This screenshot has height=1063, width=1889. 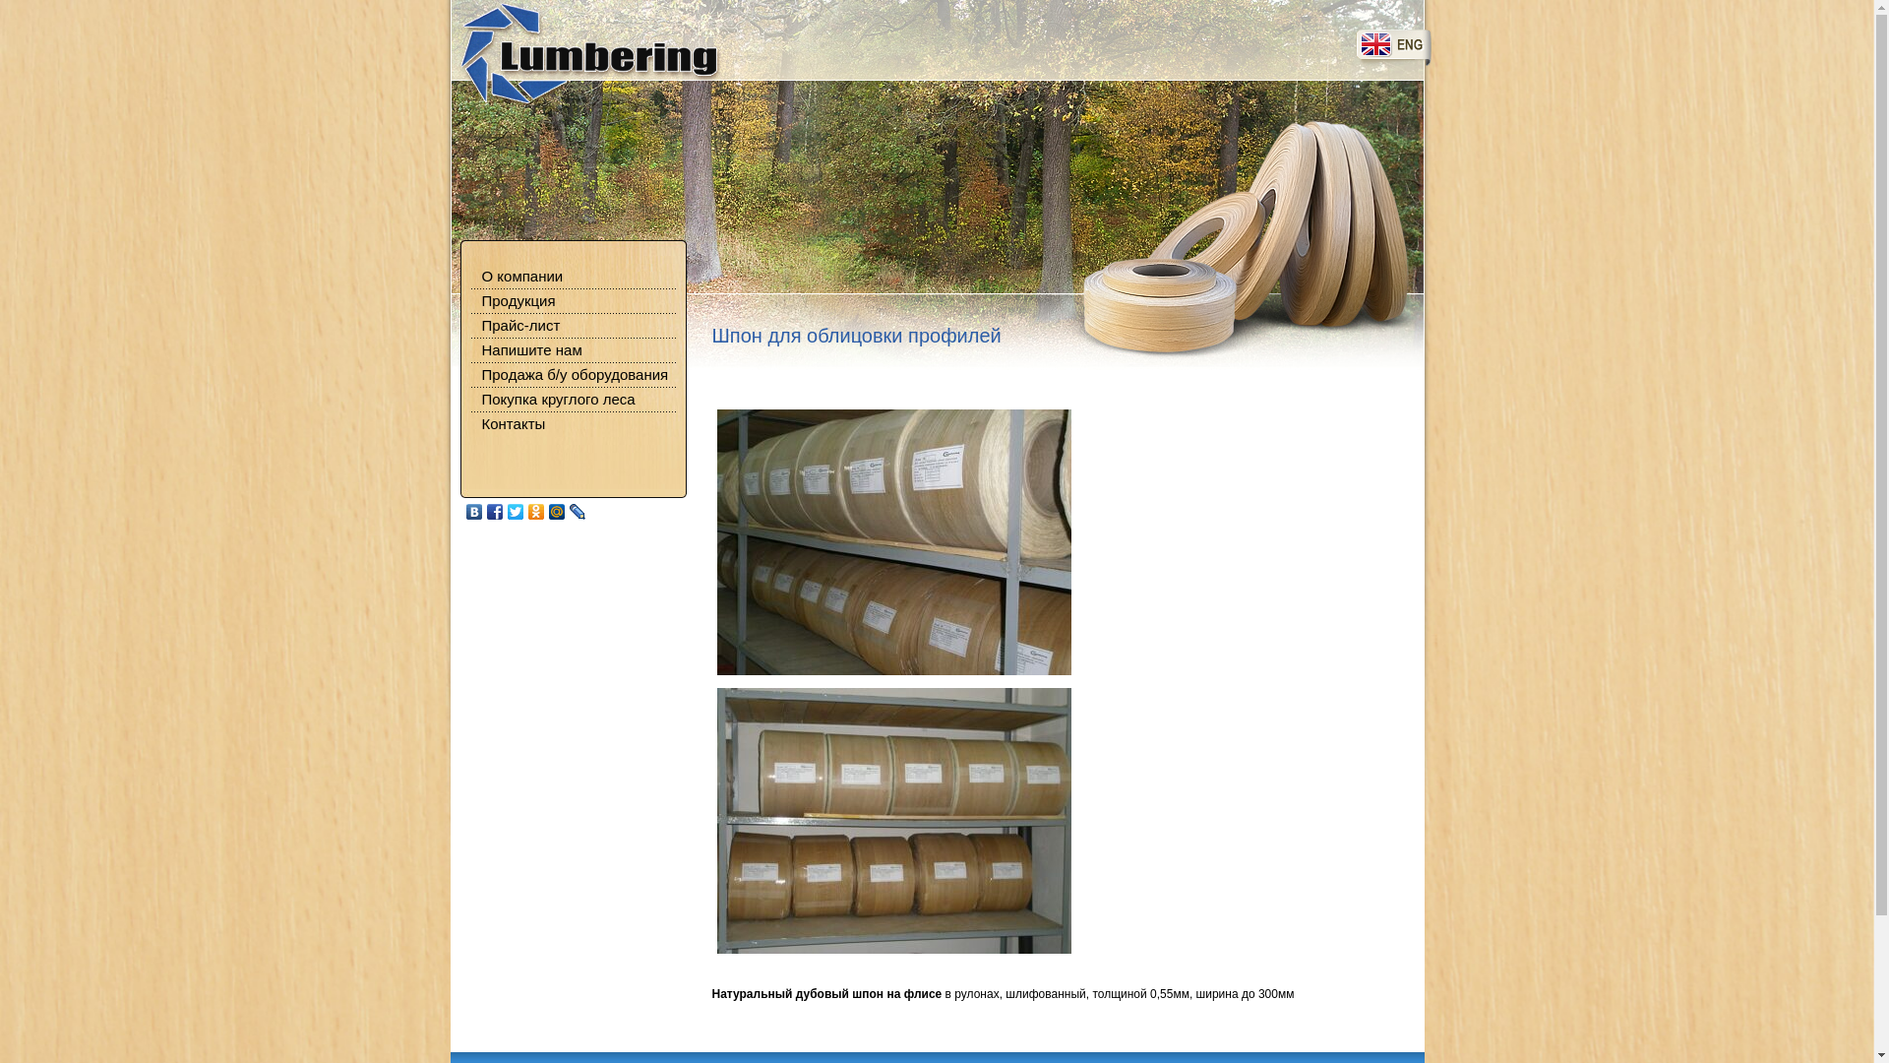 What do you see at coordinates (516, 511) in the screenshot?
I see `'Twitter'` at bounding box center [516, 511].